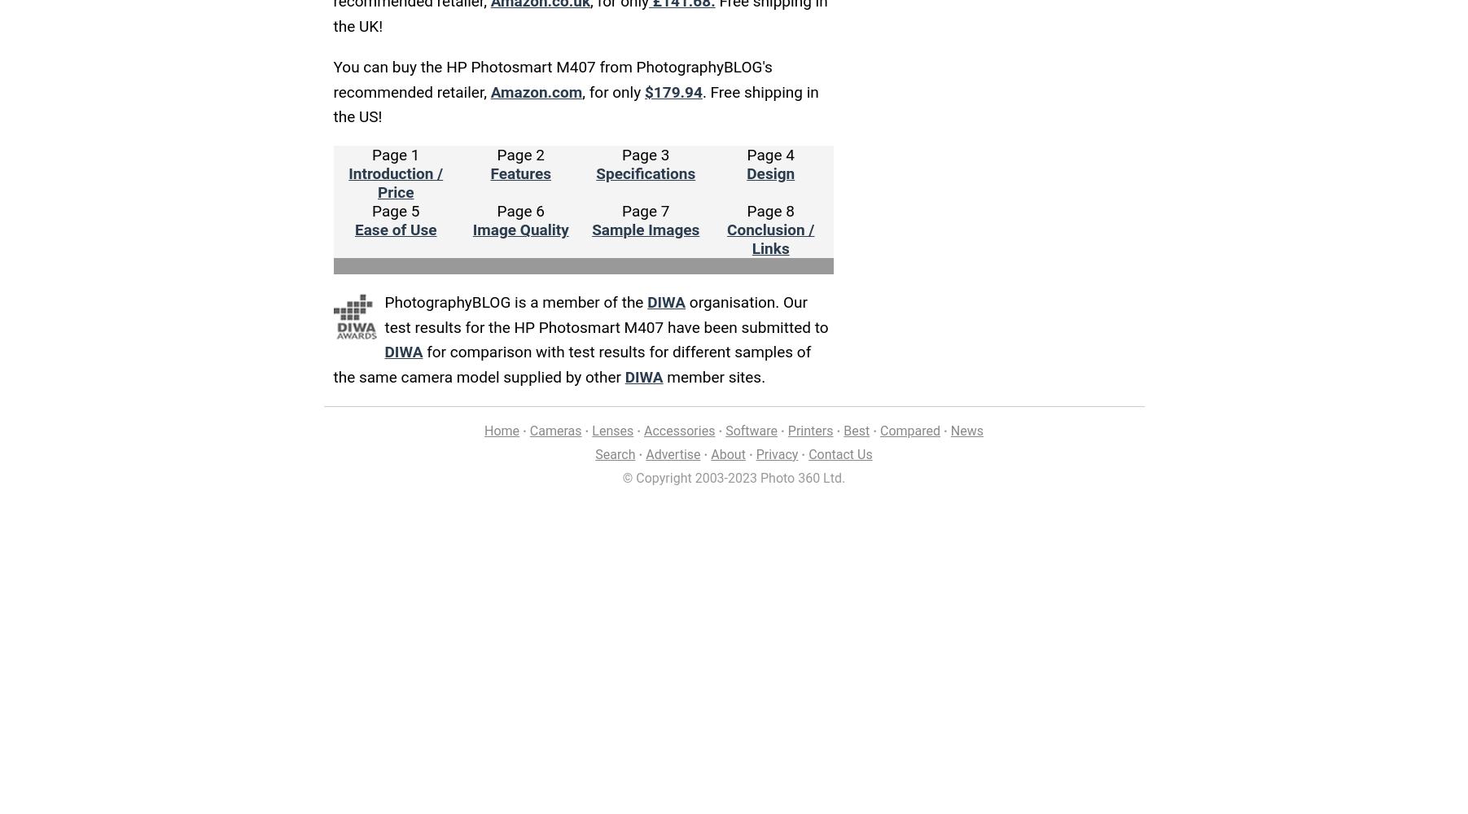 This screenshot has width=1468, height=814. I want to click on 'Amazon.com', so click(535, 90).